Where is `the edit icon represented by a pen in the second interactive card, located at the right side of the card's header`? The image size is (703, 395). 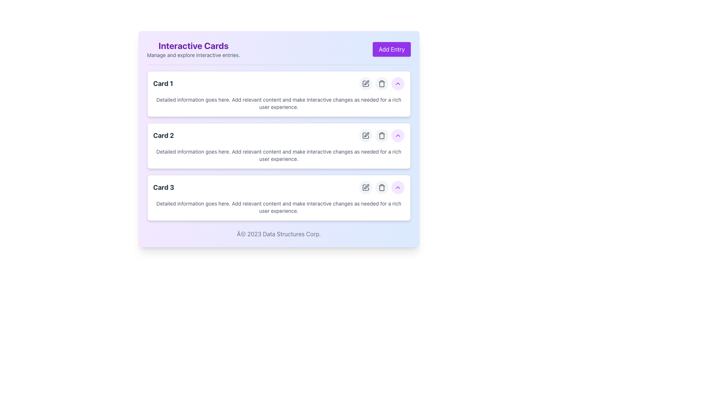
the edit icon represented by a pen in the second interactive card, located at the right side of the card's header is located at coordinates (367, 135).